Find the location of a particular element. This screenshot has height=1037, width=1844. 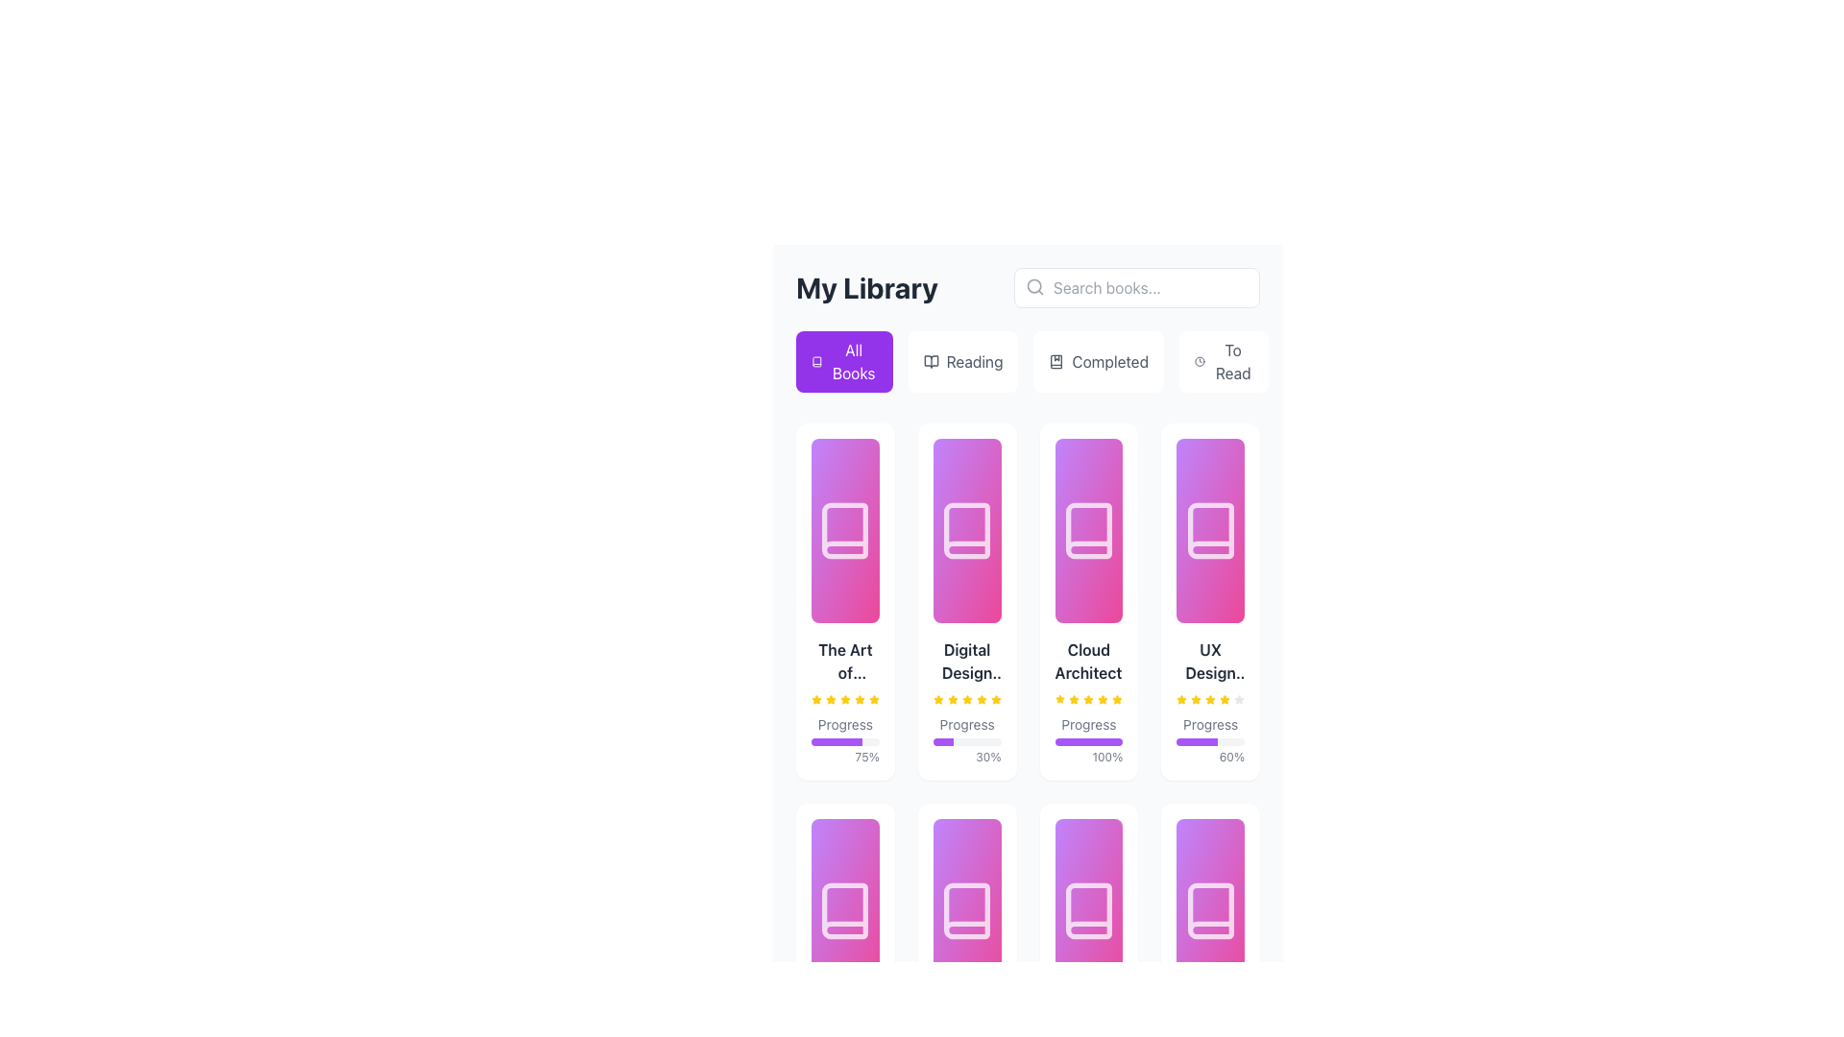

the first card in the 'My Library' section that displays information about the book titled 'The Art of Programming' is located at coordinates (845, 601).